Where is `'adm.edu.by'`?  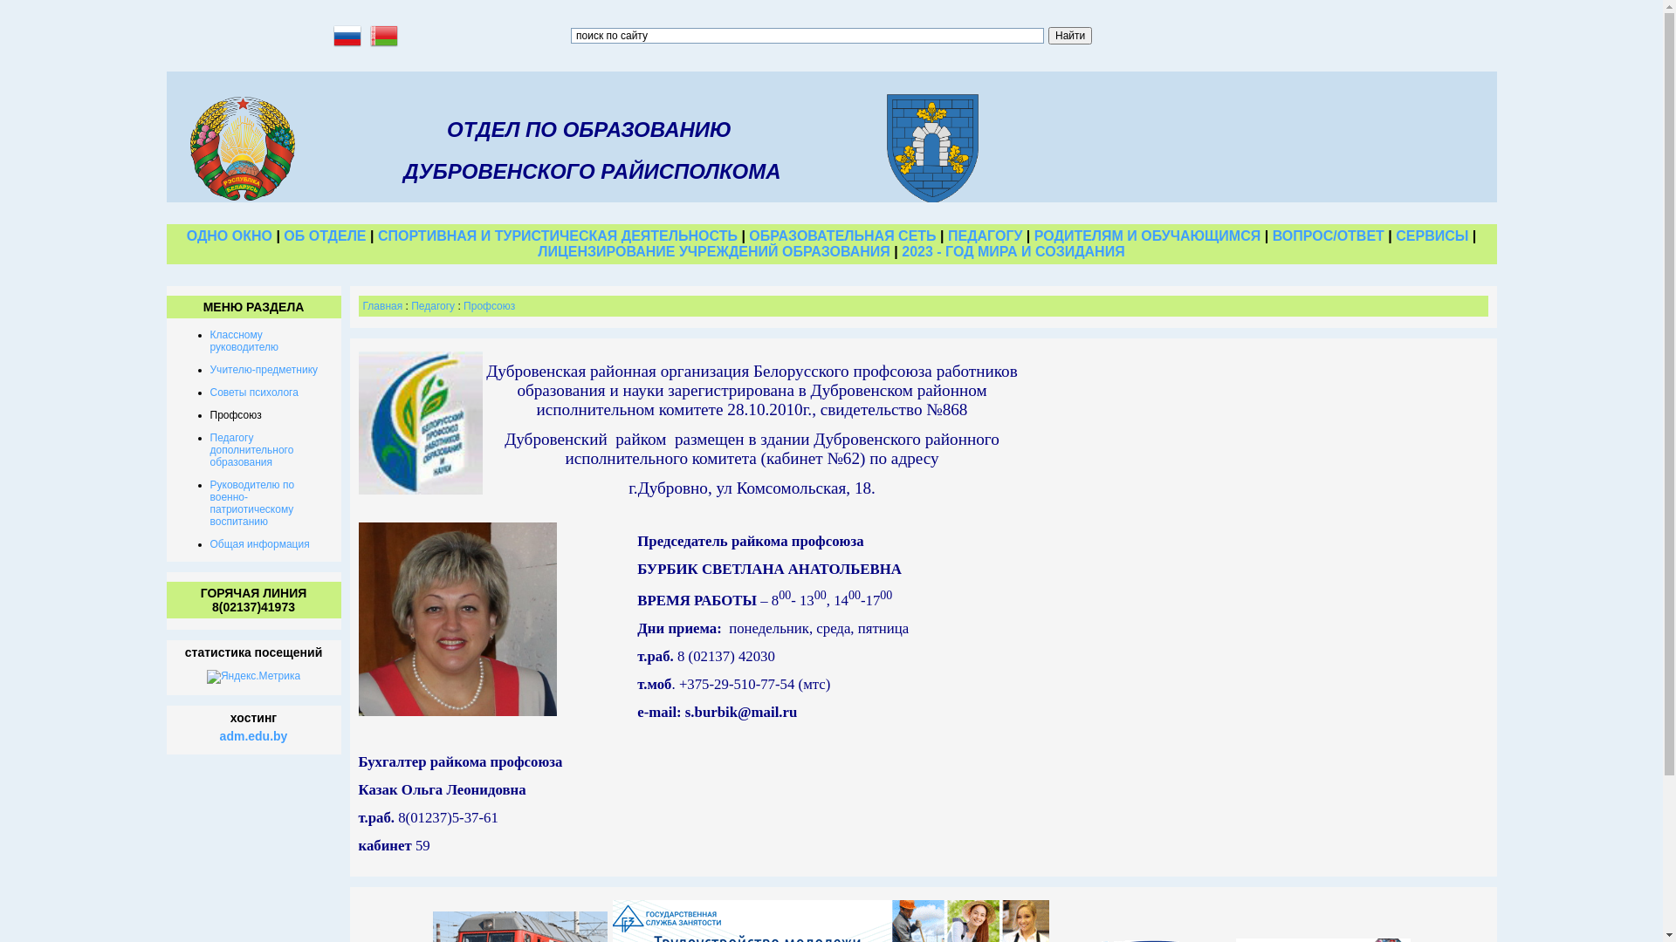
'adm.edu.by' is located at coordinates (219, 736).